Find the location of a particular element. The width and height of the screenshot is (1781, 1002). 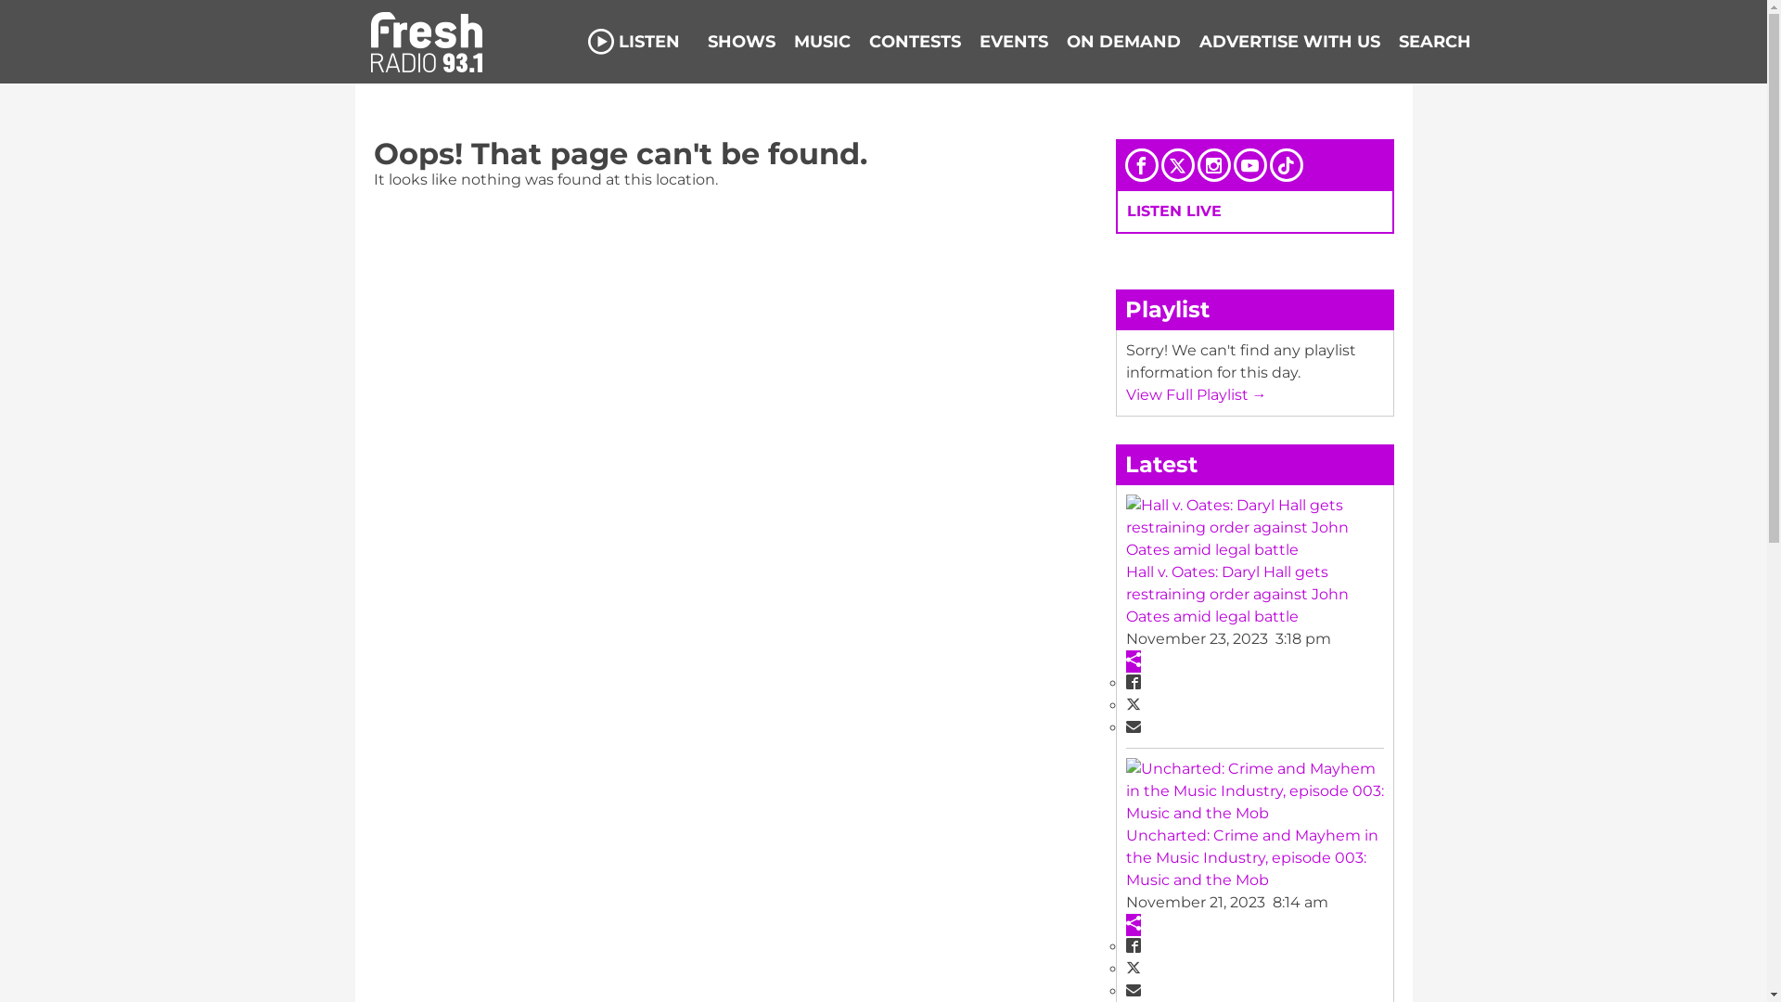

'SEARCH' is located at coordinates (1433, 42).